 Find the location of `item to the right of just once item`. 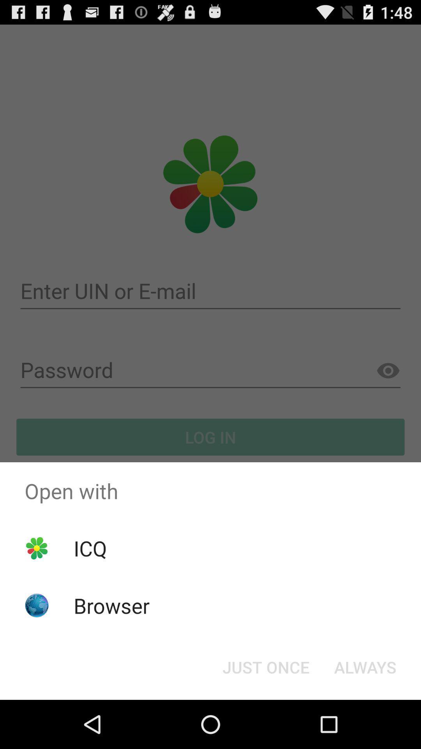

item to the right of just once item is located at coordinates (365, 666).